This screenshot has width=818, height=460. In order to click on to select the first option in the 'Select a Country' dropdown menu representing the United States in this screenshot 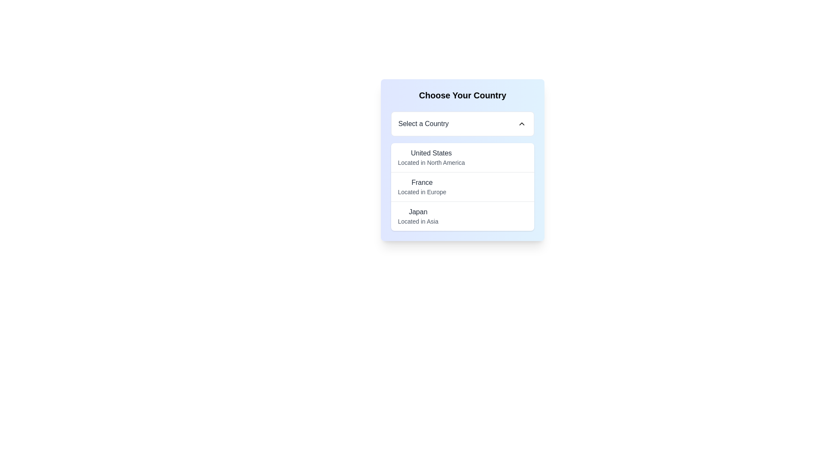, I will do `click(431, 158)`.